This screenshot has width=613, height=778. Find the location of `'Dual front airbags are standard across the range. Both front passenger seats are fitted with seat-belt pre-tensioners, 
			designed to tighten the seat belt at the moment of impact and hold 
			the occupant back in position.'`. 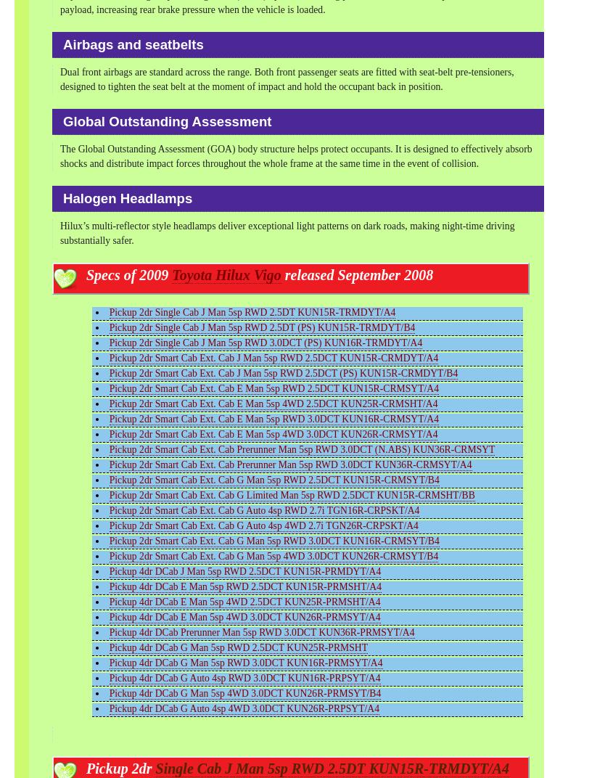

'Dual front airbags are standard across the range. Both front passenger seats are fitted with seat-belt pre-tensioners, 
			designed to tighten the seat belt at the moment of impact and hold 
			the occupant back in position.' is located at coordinates (286, 79).